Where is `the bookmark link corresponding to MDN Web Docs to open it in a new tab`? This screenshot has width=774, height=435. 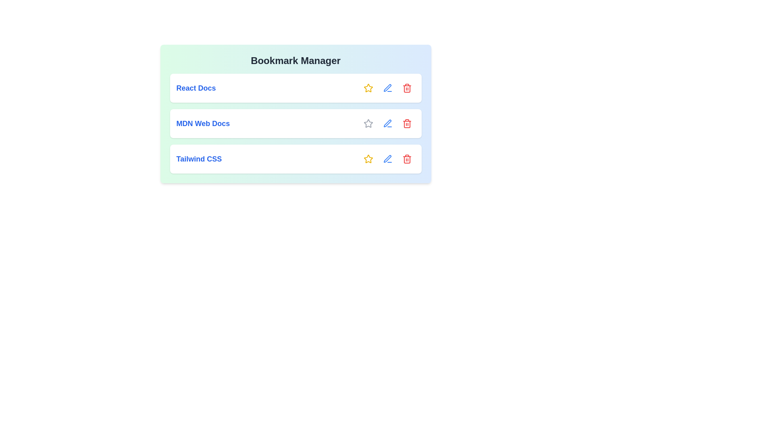 the bookmark link corresponding to MDN Web Docs to open it in a new tab is located at coordinates (203, 124).